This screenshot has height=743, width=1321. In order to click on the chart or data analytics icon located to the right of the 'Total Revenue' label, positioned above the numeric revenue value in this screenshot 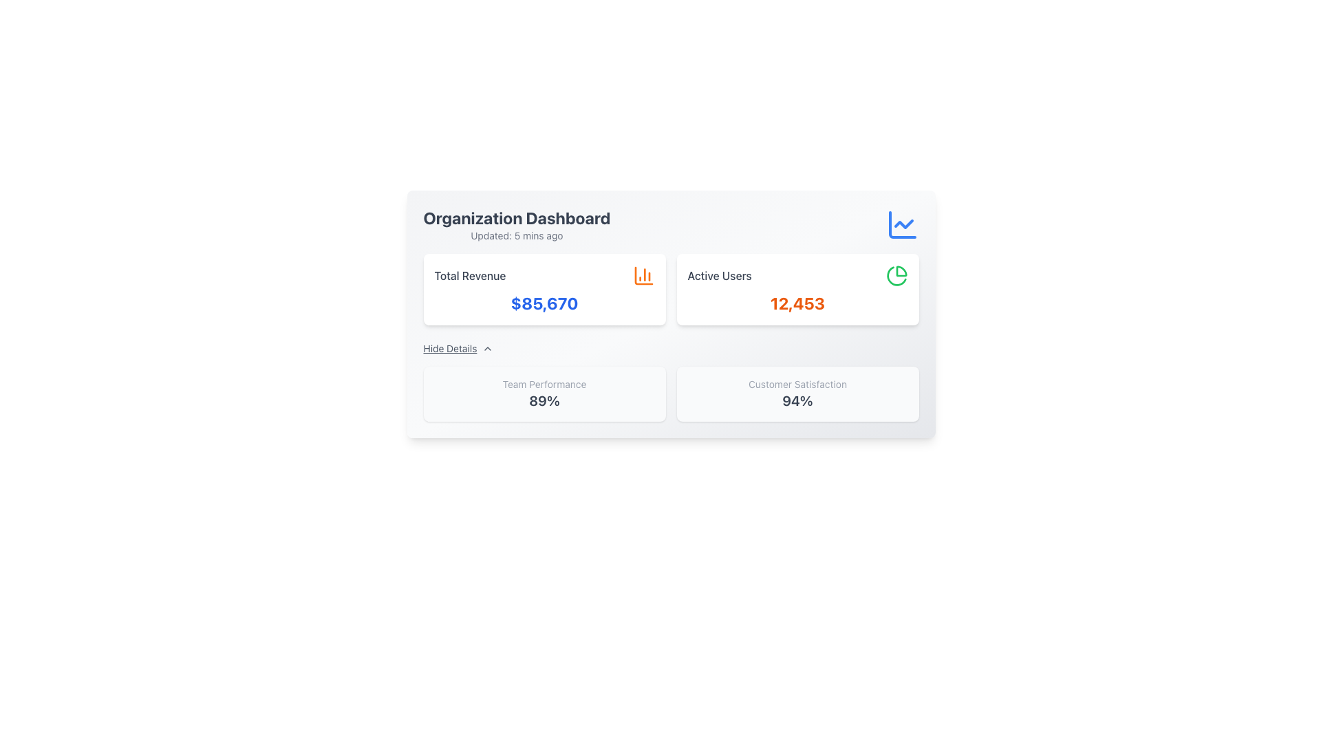, I will do `click(643, 276)`.